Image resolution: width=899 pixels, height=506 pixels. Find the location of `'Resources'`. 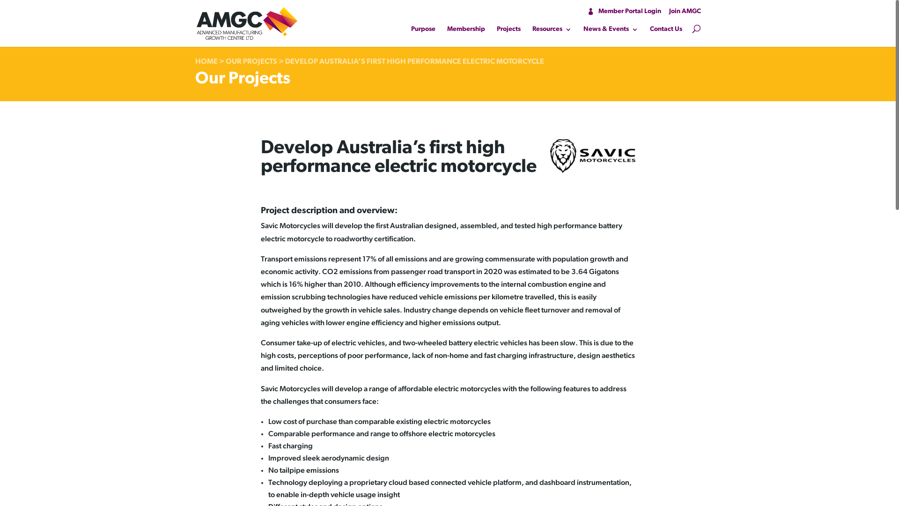

'Resources' is located at coordinates (551, 31).